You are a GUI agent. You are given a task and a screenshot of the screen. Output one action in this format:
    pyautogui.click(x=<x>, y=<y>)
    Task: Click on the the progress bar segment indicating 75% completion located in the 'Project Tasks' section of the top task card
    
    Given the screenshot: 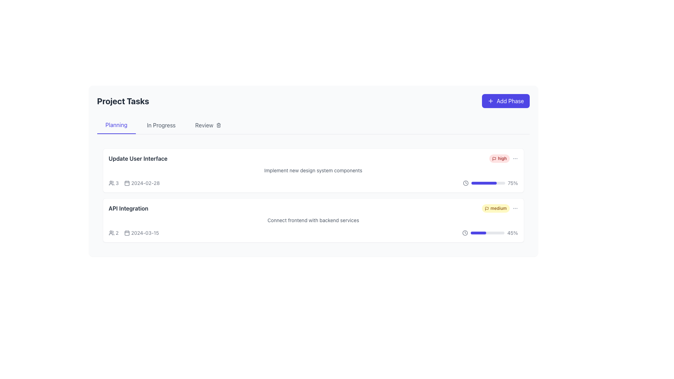 What is the action you would take?
    pyautogui.click(x=483, y=182)
    